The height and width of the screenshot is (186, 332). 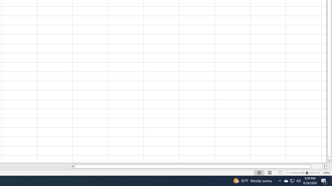 What do you see at coordinates (198, 166) in the screenshot?
I see `'Class: NetUIScrollBar'` at bounding box center [198, 166].